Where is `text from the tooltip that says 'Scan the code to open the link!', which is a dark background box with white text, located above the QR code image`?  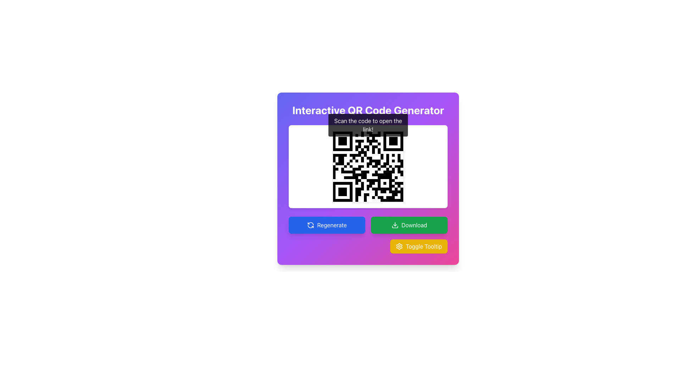
text from the tooltip that says 'Scan the code to open the link!', which is a dark background box with white text, located above the QR code image is located at coordinates (368, 125).